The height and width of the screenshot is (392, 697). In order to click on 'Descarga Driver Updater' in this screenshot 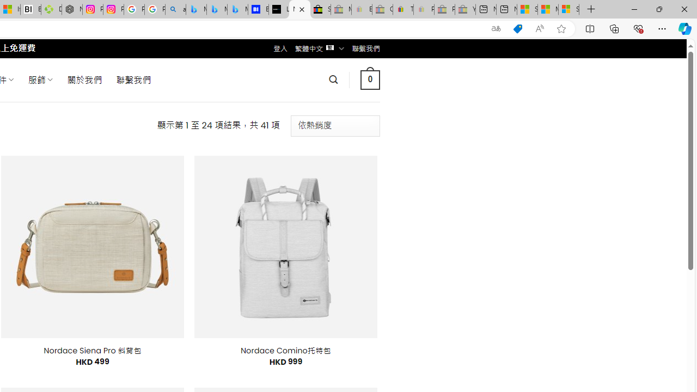, I will do `click(51, 9)`.